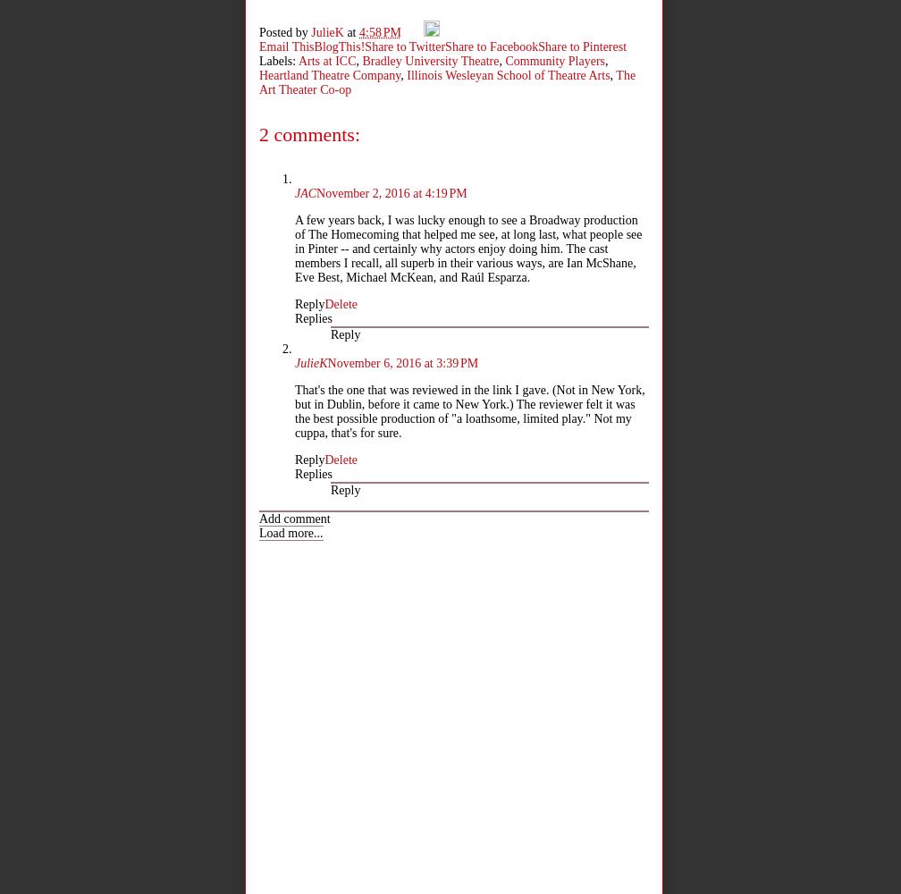  Describe the element at coordinates (508, 73) in the screenshot. I see `'Illinois Wesleyan School of Theatre Arts'` at that location.